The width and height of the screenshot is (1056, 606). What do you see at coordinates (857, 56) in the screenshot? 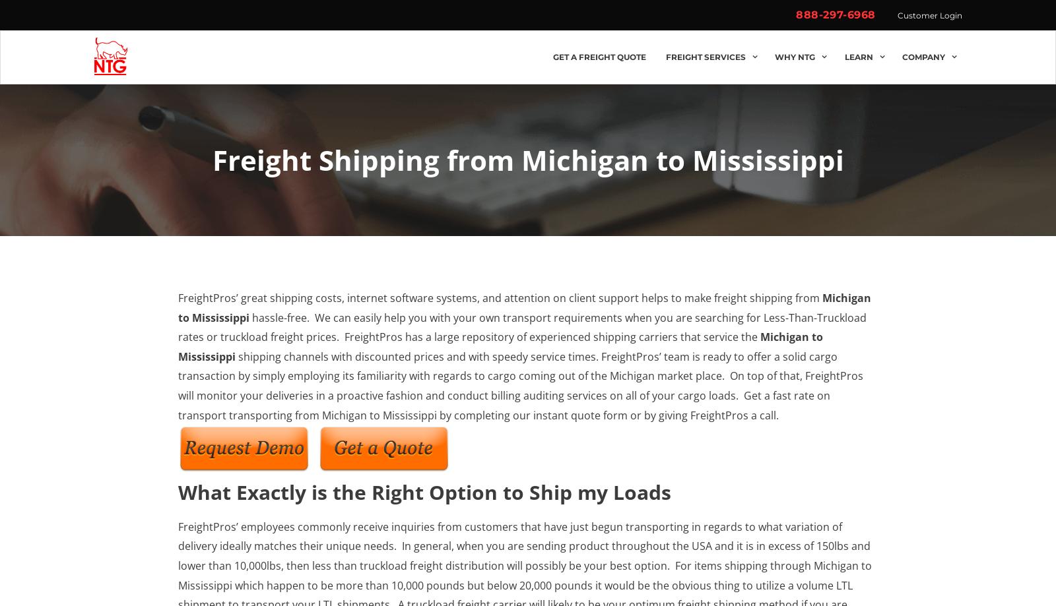
I see `'Learn'` at bounding box center [857, 56].